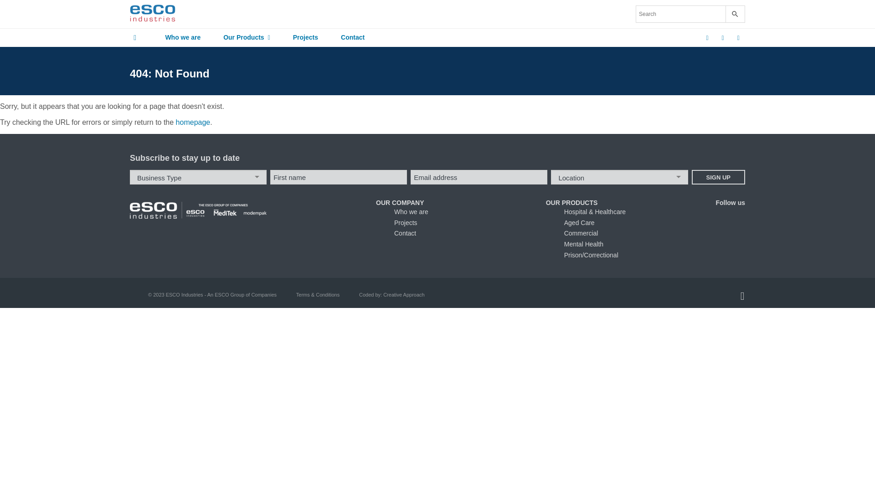 The image size is (875, 492). I want to click on 'Terms & Conditions', so click(296, 295).